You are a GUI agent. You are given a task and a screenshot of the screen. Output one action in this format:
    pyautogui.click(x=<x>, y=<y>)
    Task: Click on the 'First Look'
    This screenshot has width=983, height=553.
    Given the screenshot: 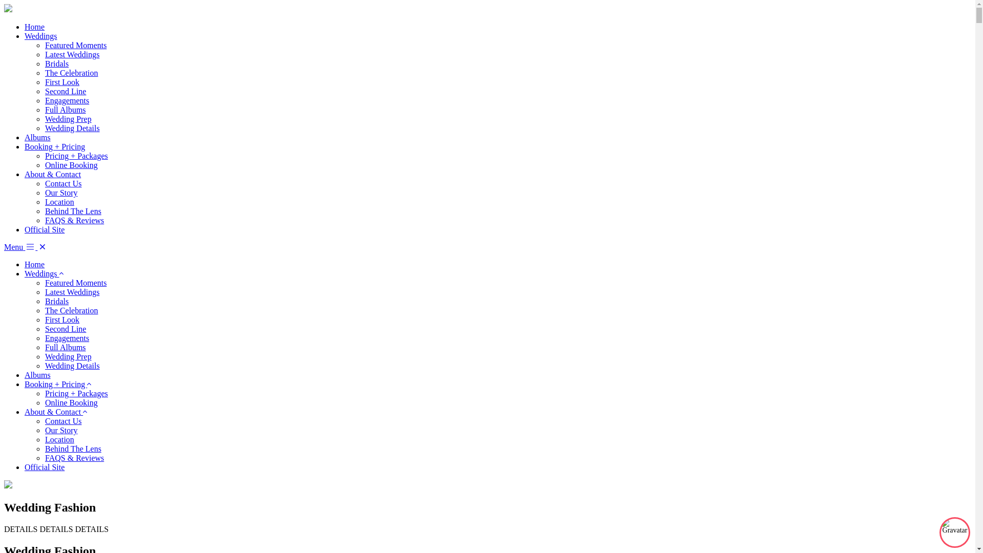 What is the action you would take?
    pyautogui.click(x=61, y=319)
    